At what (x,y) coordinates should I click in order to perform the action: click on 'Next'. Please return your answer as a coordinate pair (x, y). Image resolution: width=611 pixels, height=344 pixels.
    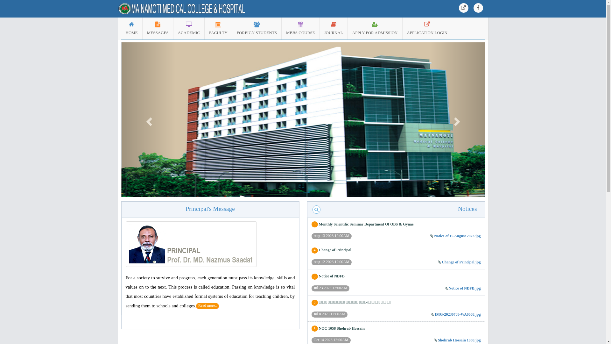
    Looking at the image, I should click on (458, 119).